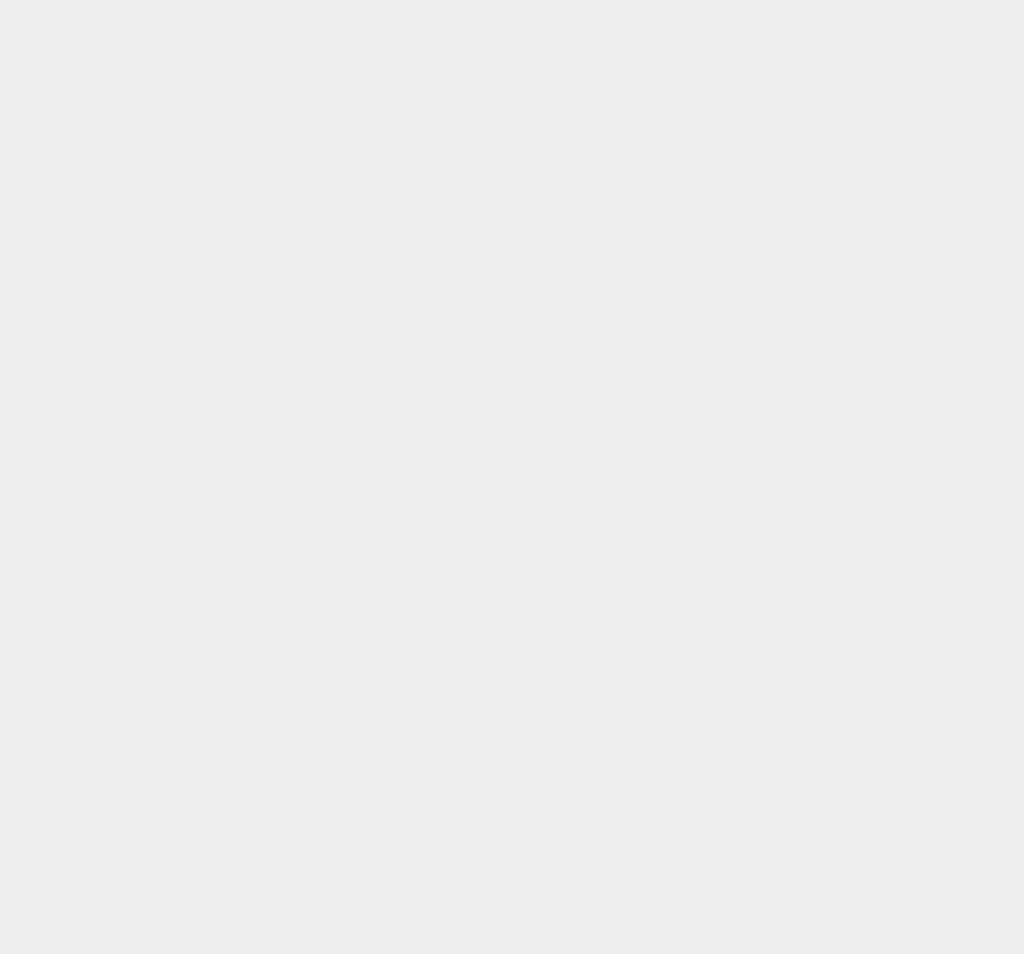  Describe the element at coordinates (723, 297) in the screenshot. I see `'iOS Games'` at that location.